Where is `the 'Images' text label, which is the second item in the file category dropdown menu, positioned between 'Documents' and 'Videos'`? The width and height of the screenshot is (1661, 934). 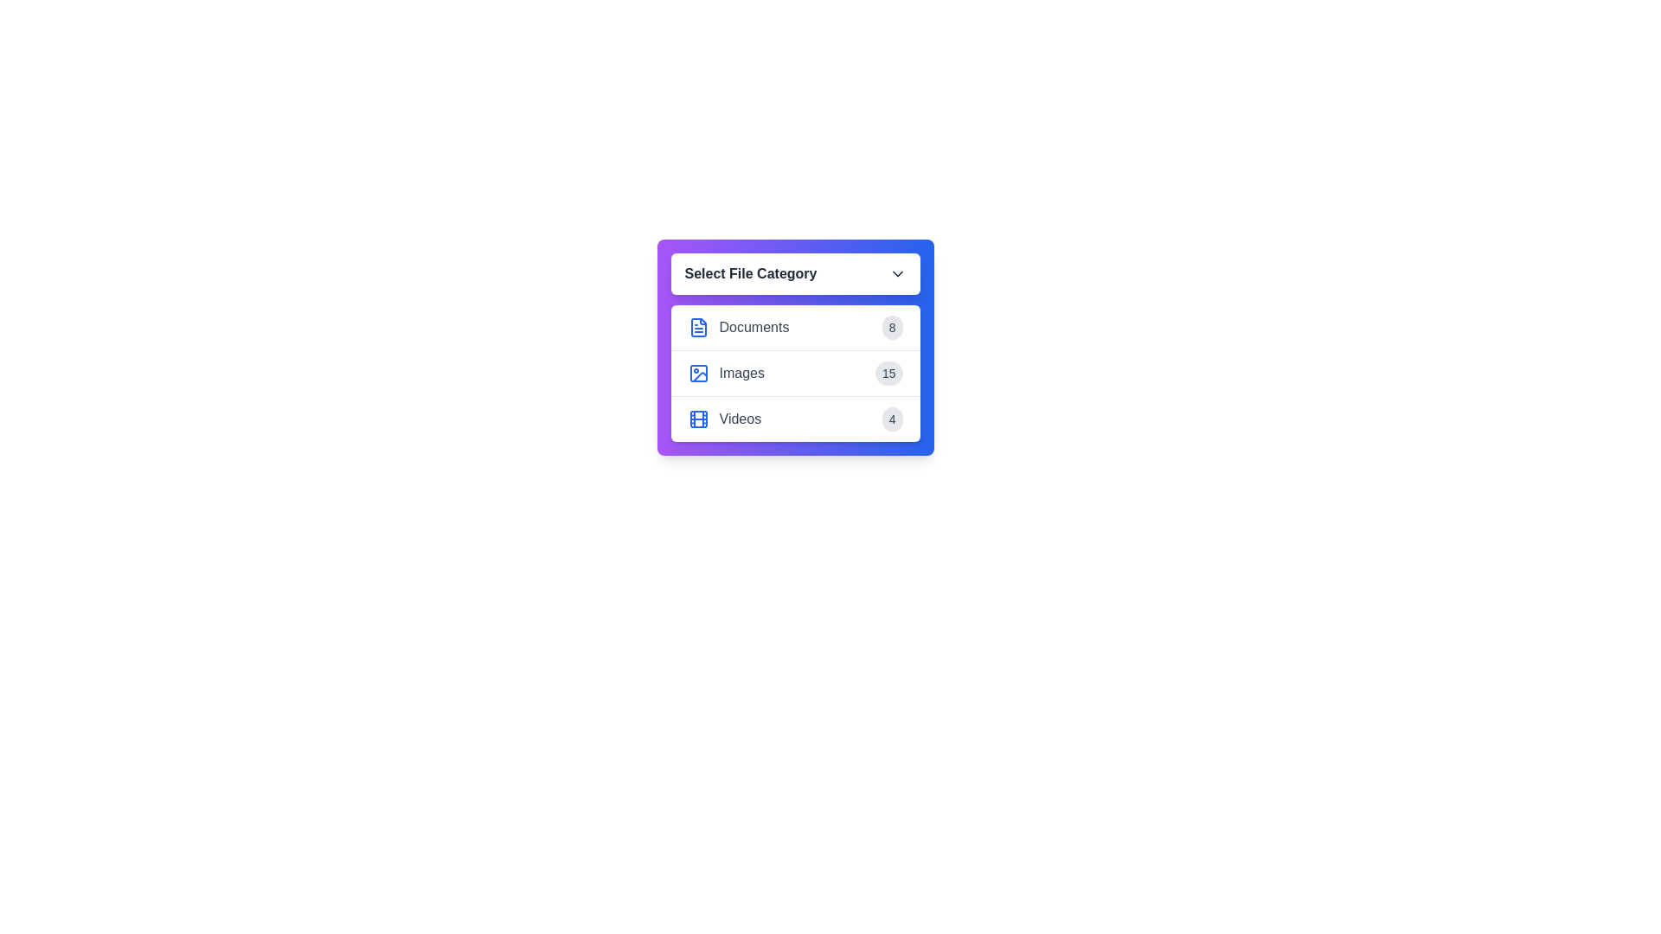
the 'Images' text label, which is the second item in the file category dropdown menu, positioned between 'Documents' and 'Videos' is located at coordinates (741, 373).